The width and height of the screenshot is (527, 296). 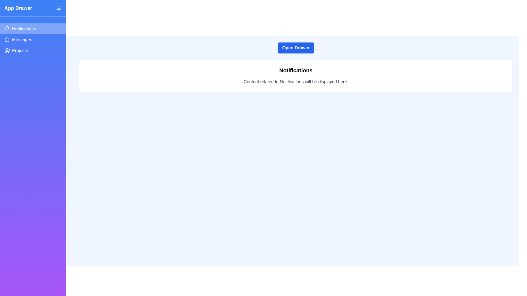 What do you see at coordinates (296, 47) in the screenshot?
I see `the 'Open Drawer' button to toggle the drawer open` at bounding box center [296, 47].